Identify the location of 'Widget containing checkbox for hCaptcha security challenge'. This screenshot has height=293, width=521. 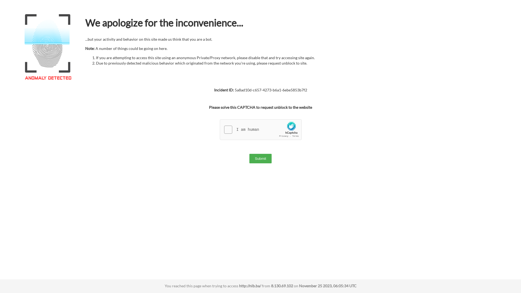
(261, 130).